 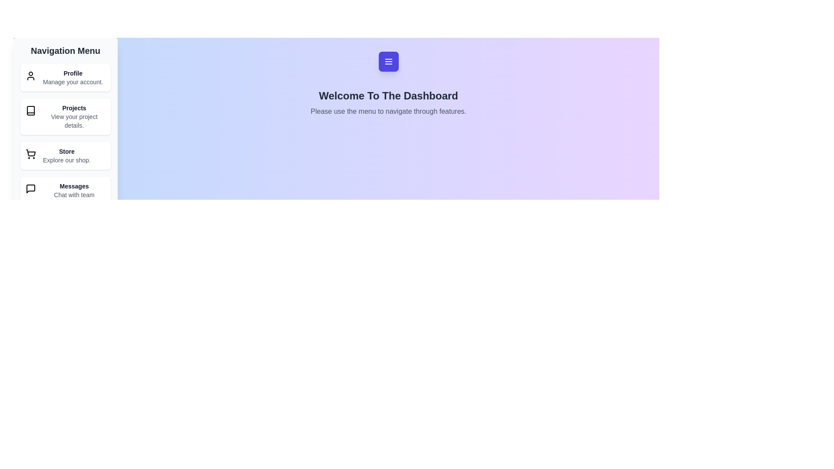 I want to click on the icon corresponding to Messages in the navigation menu, so click(x=31, y=188).